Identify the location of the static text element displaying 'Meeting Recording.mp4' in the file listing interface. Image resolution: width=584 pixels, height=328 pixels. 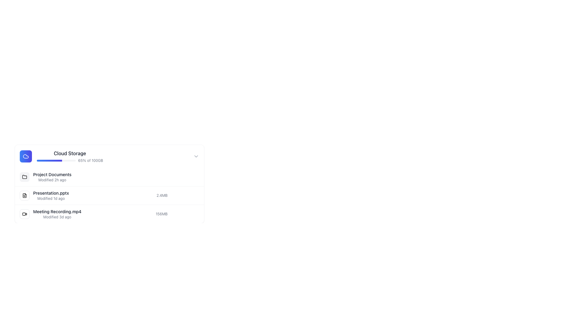
(57, 211).